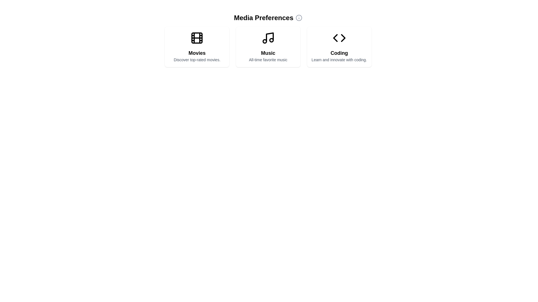  I want to click on the small circular SVG element located near the bottom-left of the musical note icon, so click(265, 41).